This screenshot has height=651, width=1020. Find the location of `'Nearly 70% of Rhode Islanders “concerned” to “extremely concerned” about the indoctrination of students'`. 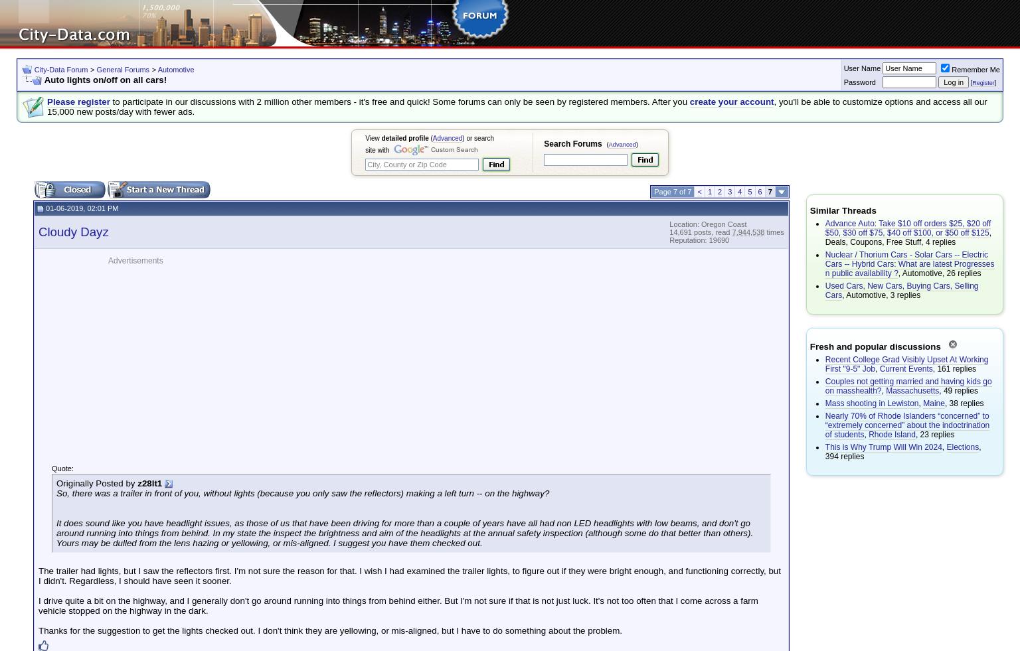

'Nearly 70% of Rhode Islanders “concerned” to “extremely concerned” about the indoctrination of students' is located at coordinates (825, 425).